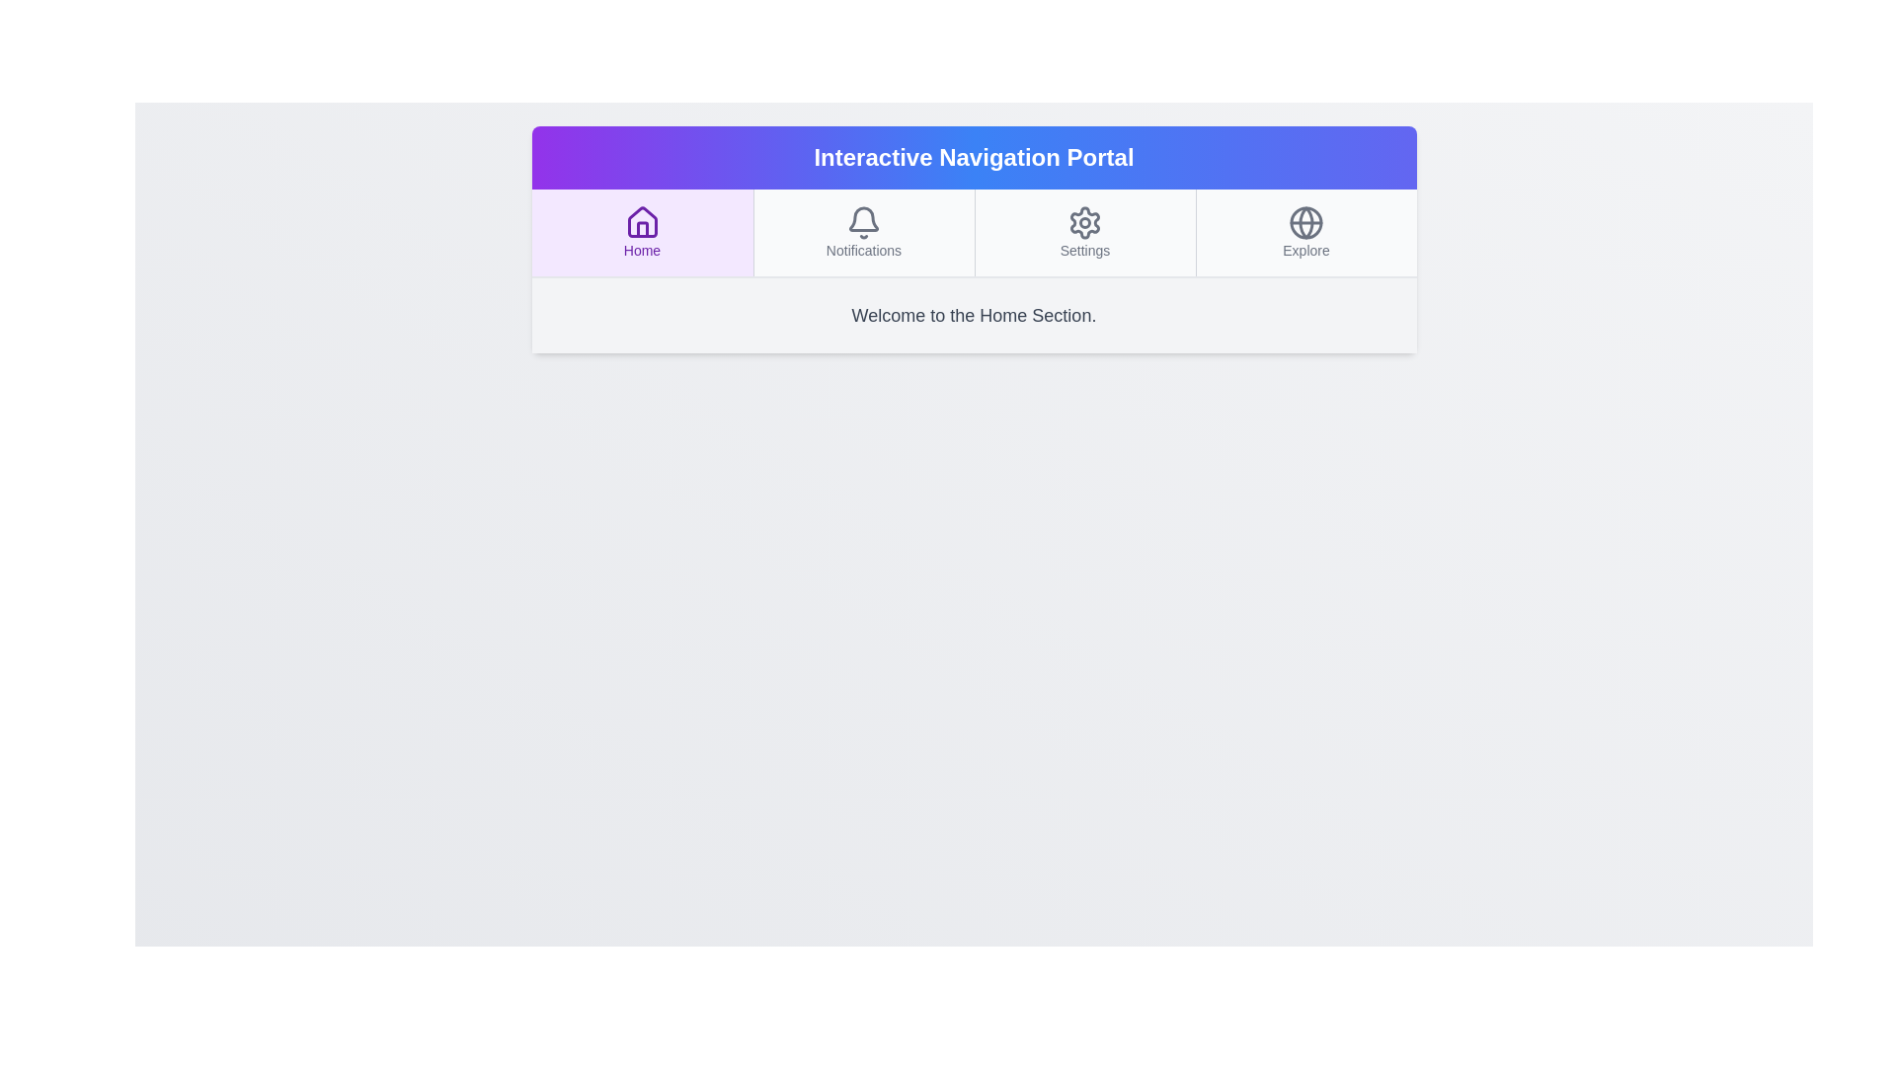  I want to click on static text element displaying 'Welcome to the Home Section.' which is centered below the navigation bar in a large gray font, so click(974, 315).